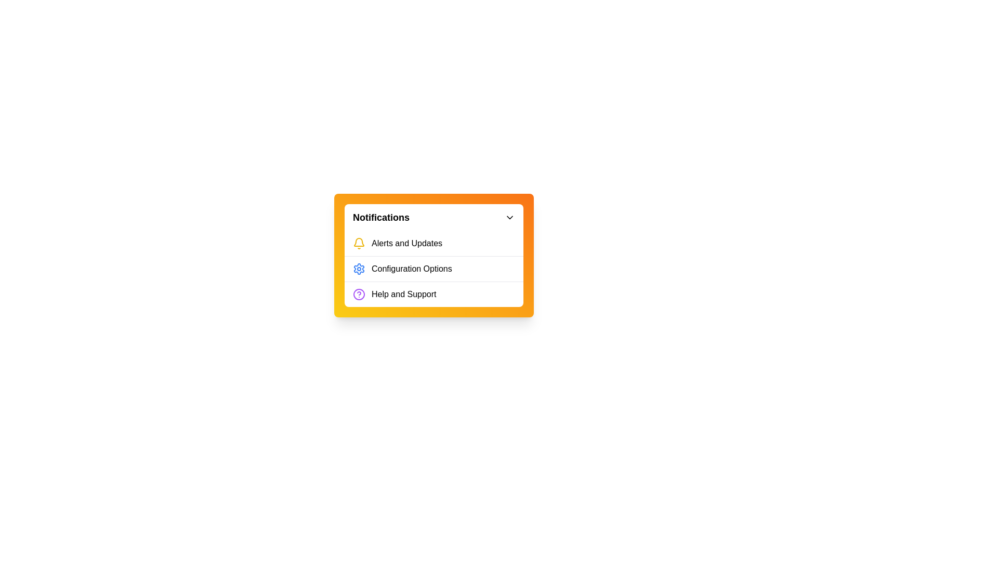  Describe the element at coordinates (434, 294) in the screenshot. I see `the 'Help and Support' item in the notification panel` at that location.